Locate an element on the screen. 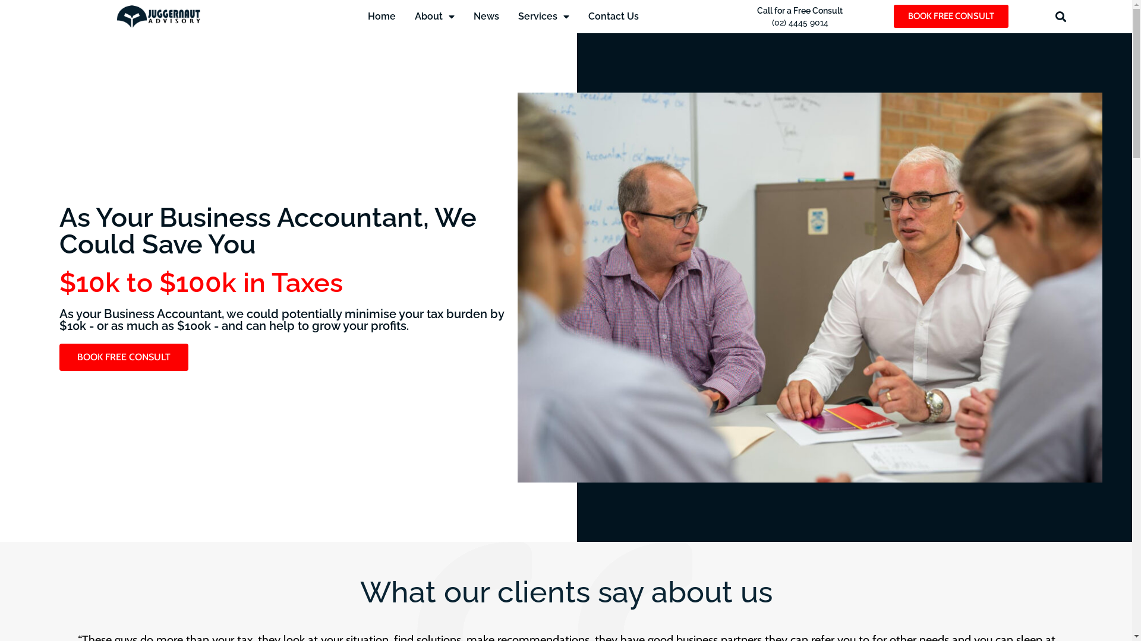 Image resolution: width=1141 pixels, height=641 pixels. 'BOOK FREE CONSULT' is located at coordinates (951, 16).